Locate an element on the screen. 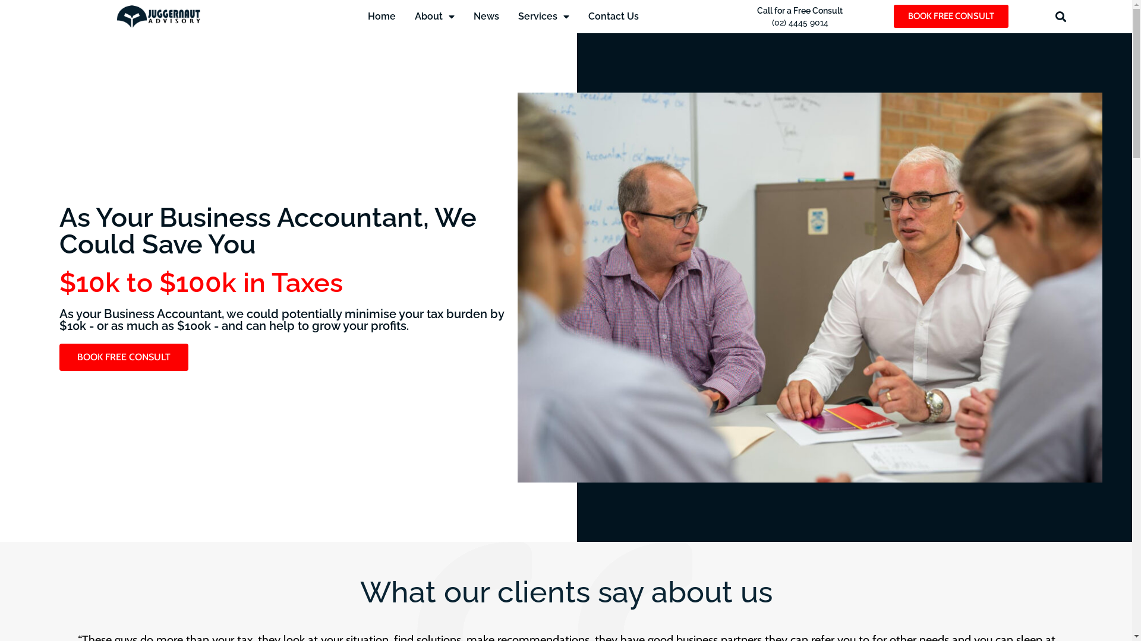 Image resolution: width=1141 pixels, height=641 pixels. 'BOOK FREE CONSULT' is located at coordinates (951, 16).